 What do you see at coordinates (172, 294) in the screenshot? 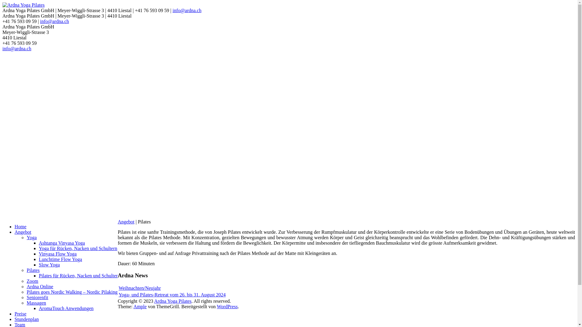
I see `'Yoga- und Pilates-Retreat vom 26. bis 31. August 2024'` at bounding box center [172, 294].